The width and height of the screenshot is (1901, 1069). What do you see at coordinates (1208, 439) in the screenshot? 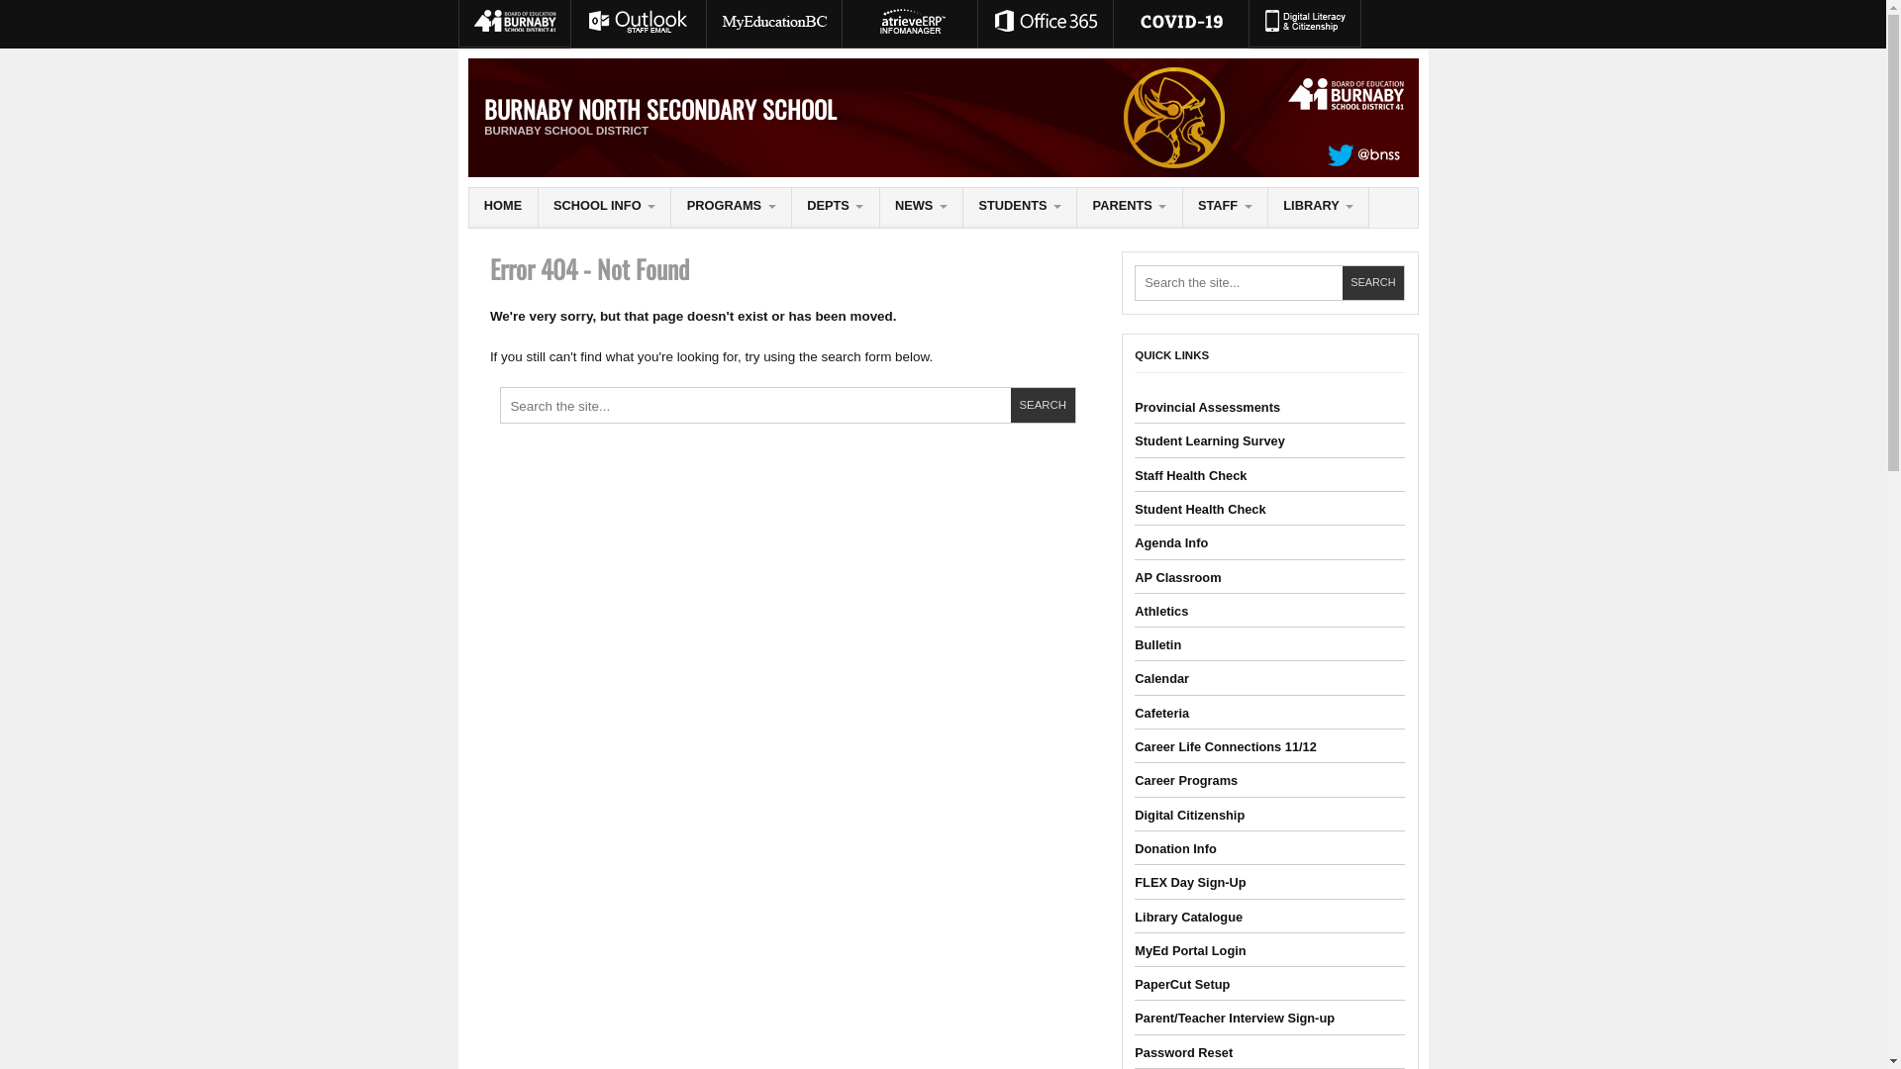
I see `'Student Learning Survey'` at bounding box center [1208, 439].